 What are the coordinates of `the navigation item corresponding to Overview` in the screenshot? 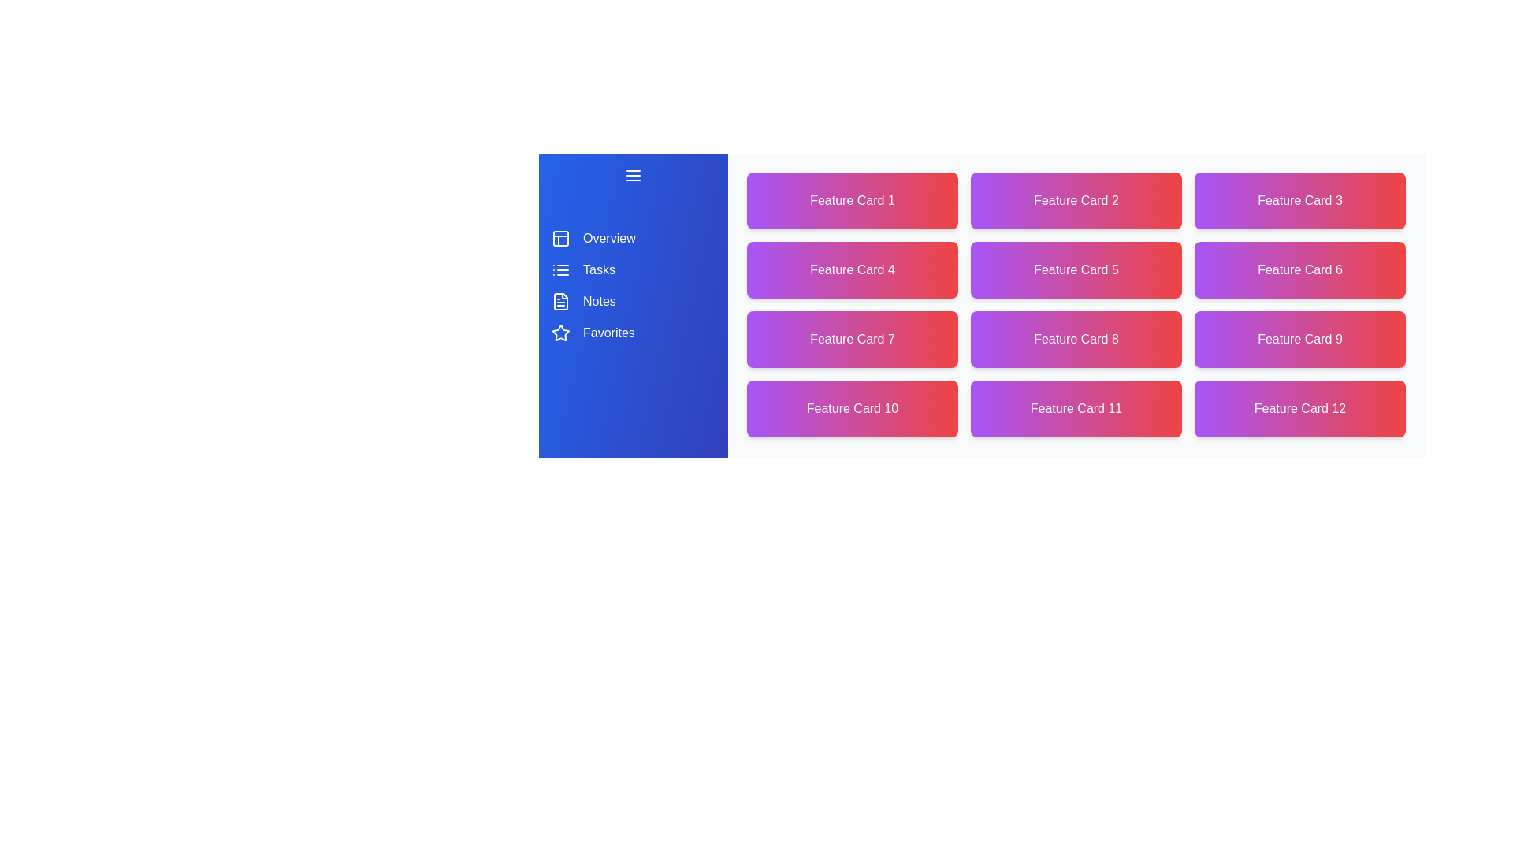 It's located at (634, 239).